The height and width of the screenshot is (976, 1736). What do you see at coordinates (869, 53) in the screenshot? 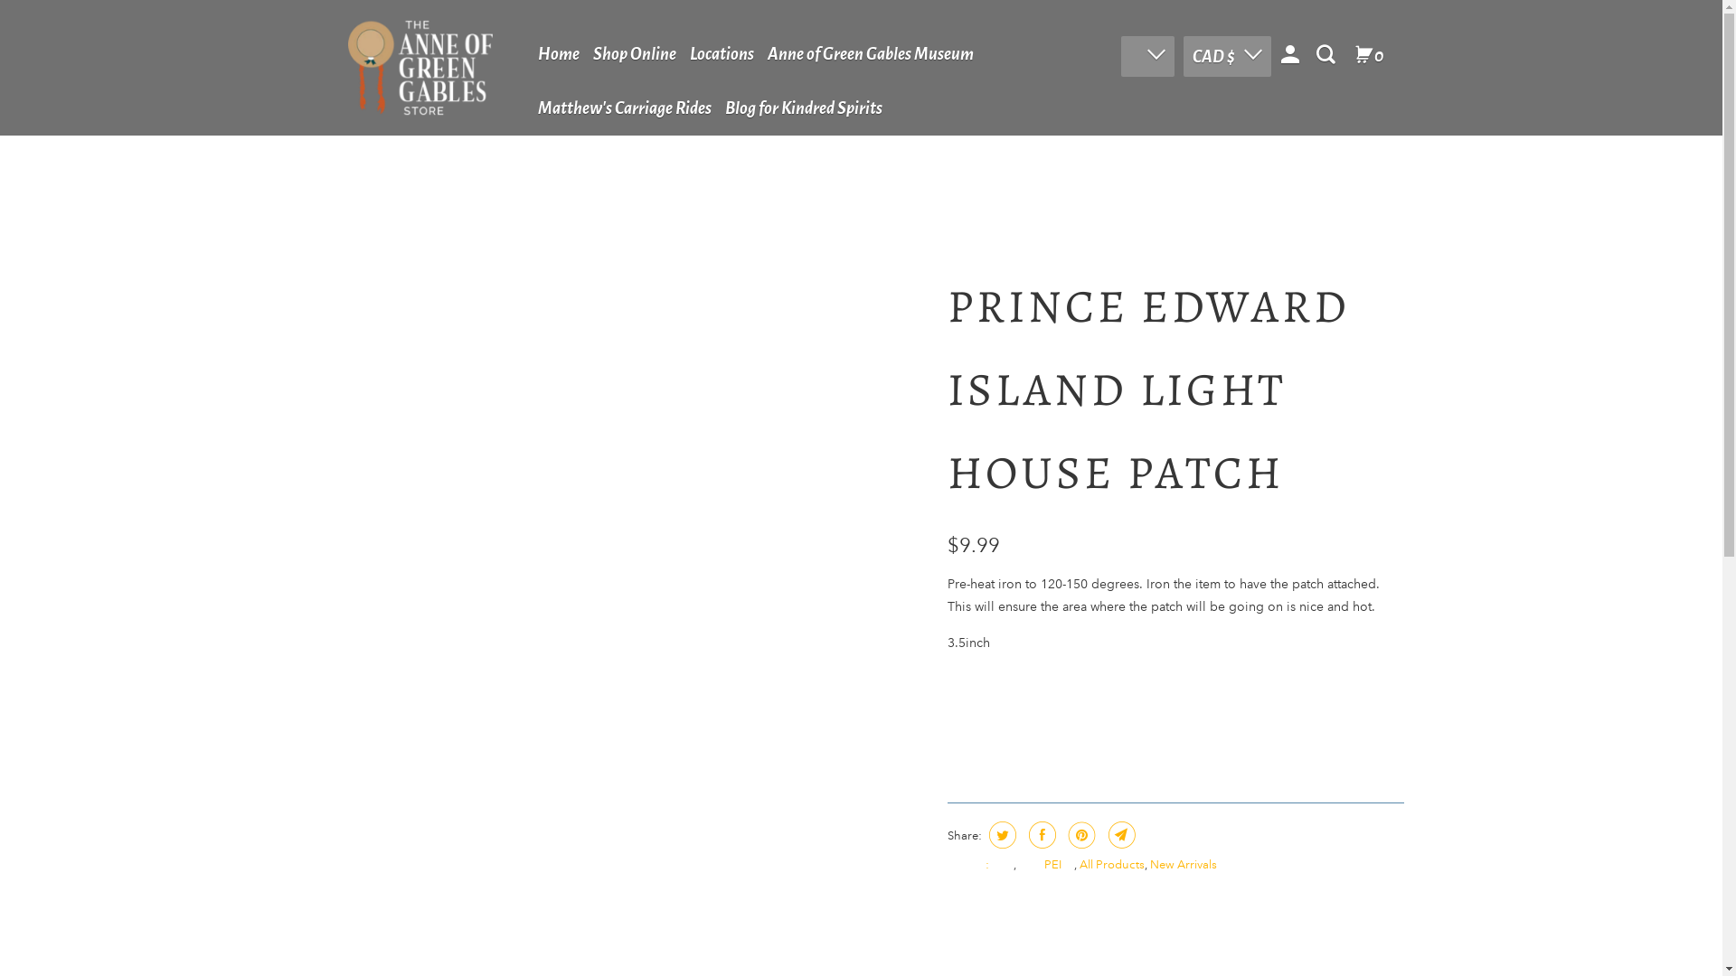
I see `'Anne of Green Gables Museum'` at bounding box center [869, 53].